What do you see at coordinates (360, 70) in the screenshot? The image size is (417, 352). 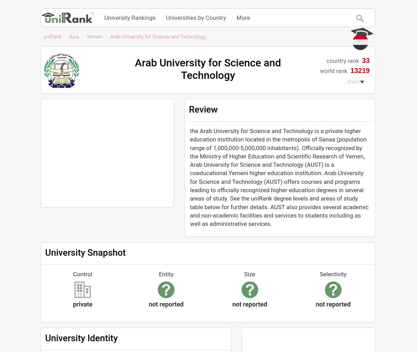 I see `'13219'` at bounding box center [360, 70].